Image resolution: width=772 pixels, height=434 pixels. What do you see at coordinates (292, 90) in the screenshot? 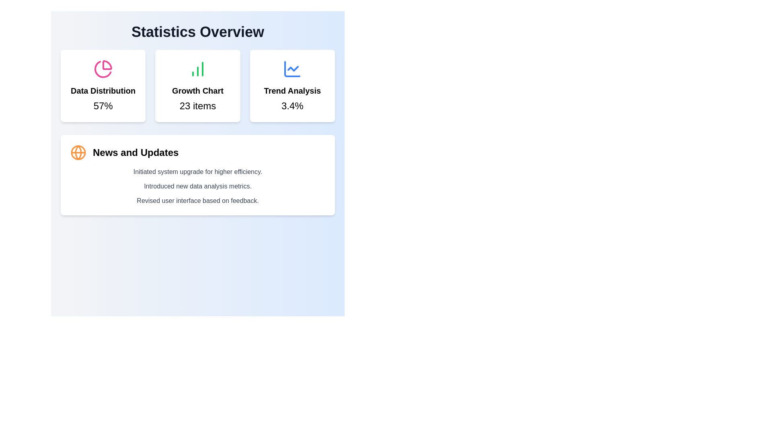
I see `the text label indicating 'Trend Analysis' that is centered within a card structure, positioned below a blue chart icon and above a text element reading '3.4%'` at bounding box center [292, 90].